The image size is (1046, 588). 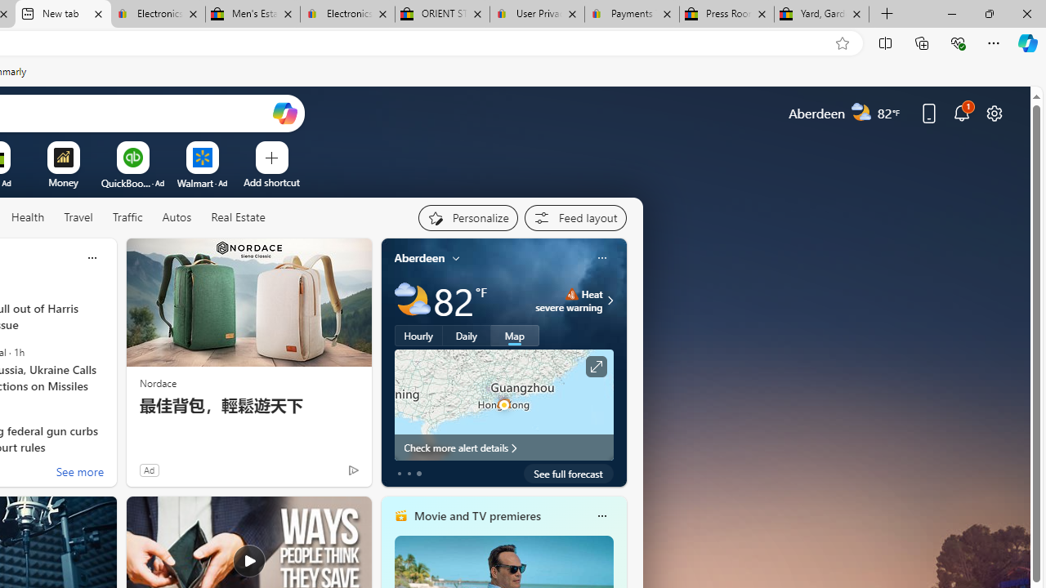 I want to click on 'Real Estate', so click(x=237, y=216).